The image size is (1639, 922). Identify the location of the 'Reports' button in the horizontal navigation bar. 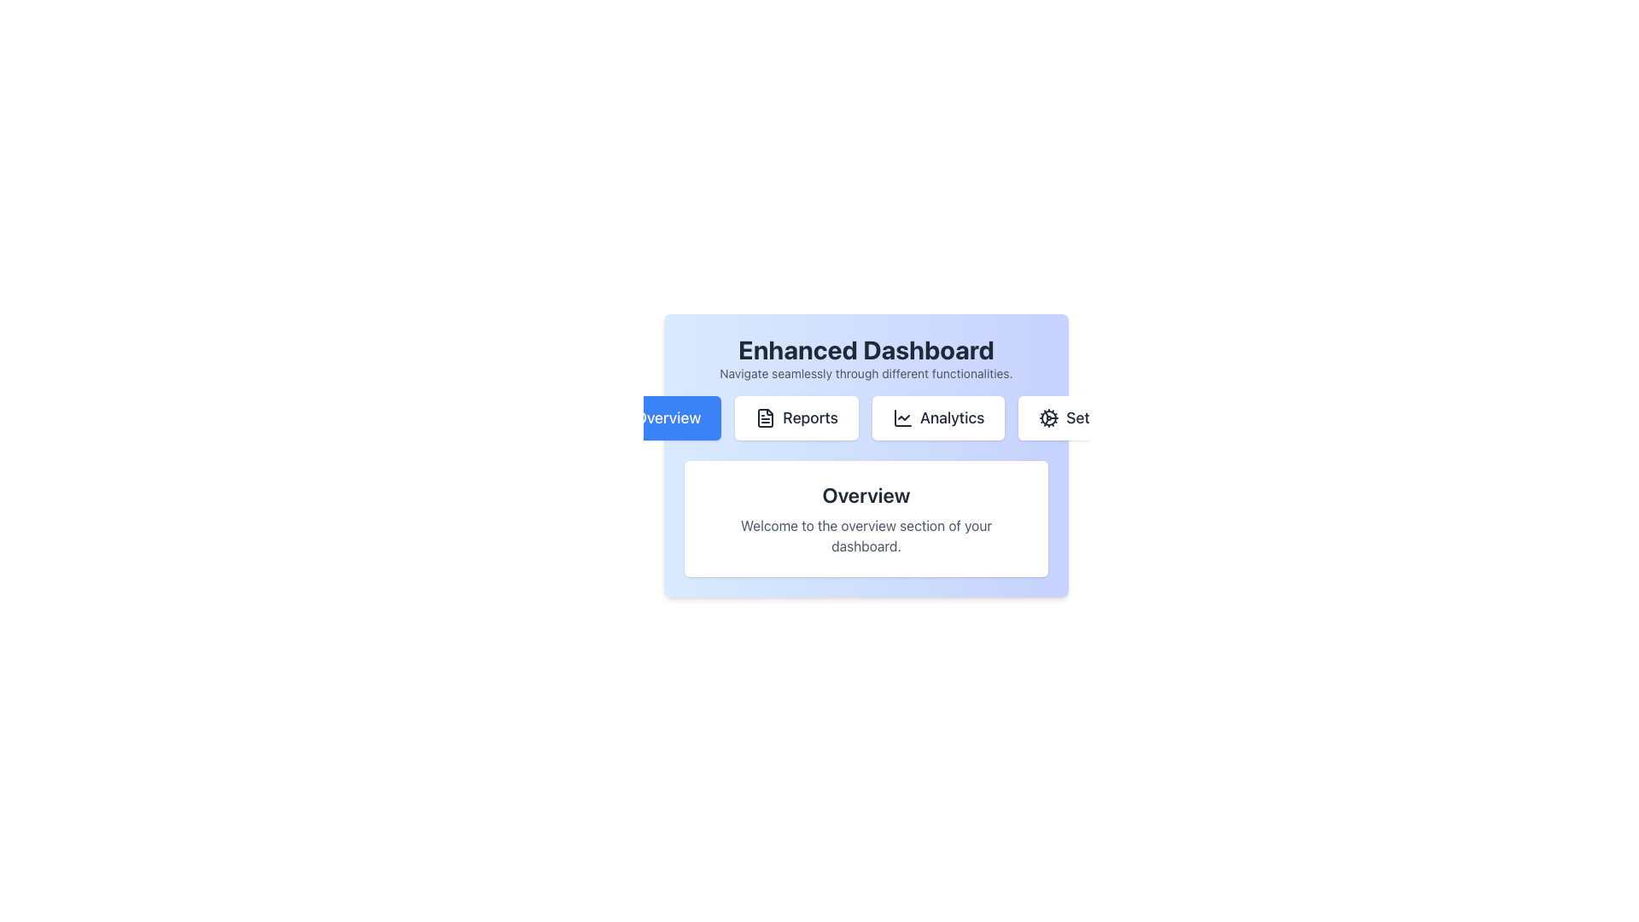
(866, 417).